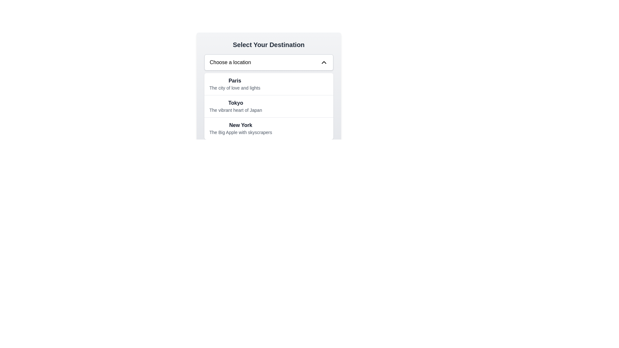 Image resolution: width=619 pixels, height=348 pixels. What do you see at coordinates (269, 128) in the screenshot?
I see `the text block displaying 'New York' and 'The Big Apple with skyscrapers', which is the third item in the list under 'Select Your Destination'` at bounding box center [269, 128].